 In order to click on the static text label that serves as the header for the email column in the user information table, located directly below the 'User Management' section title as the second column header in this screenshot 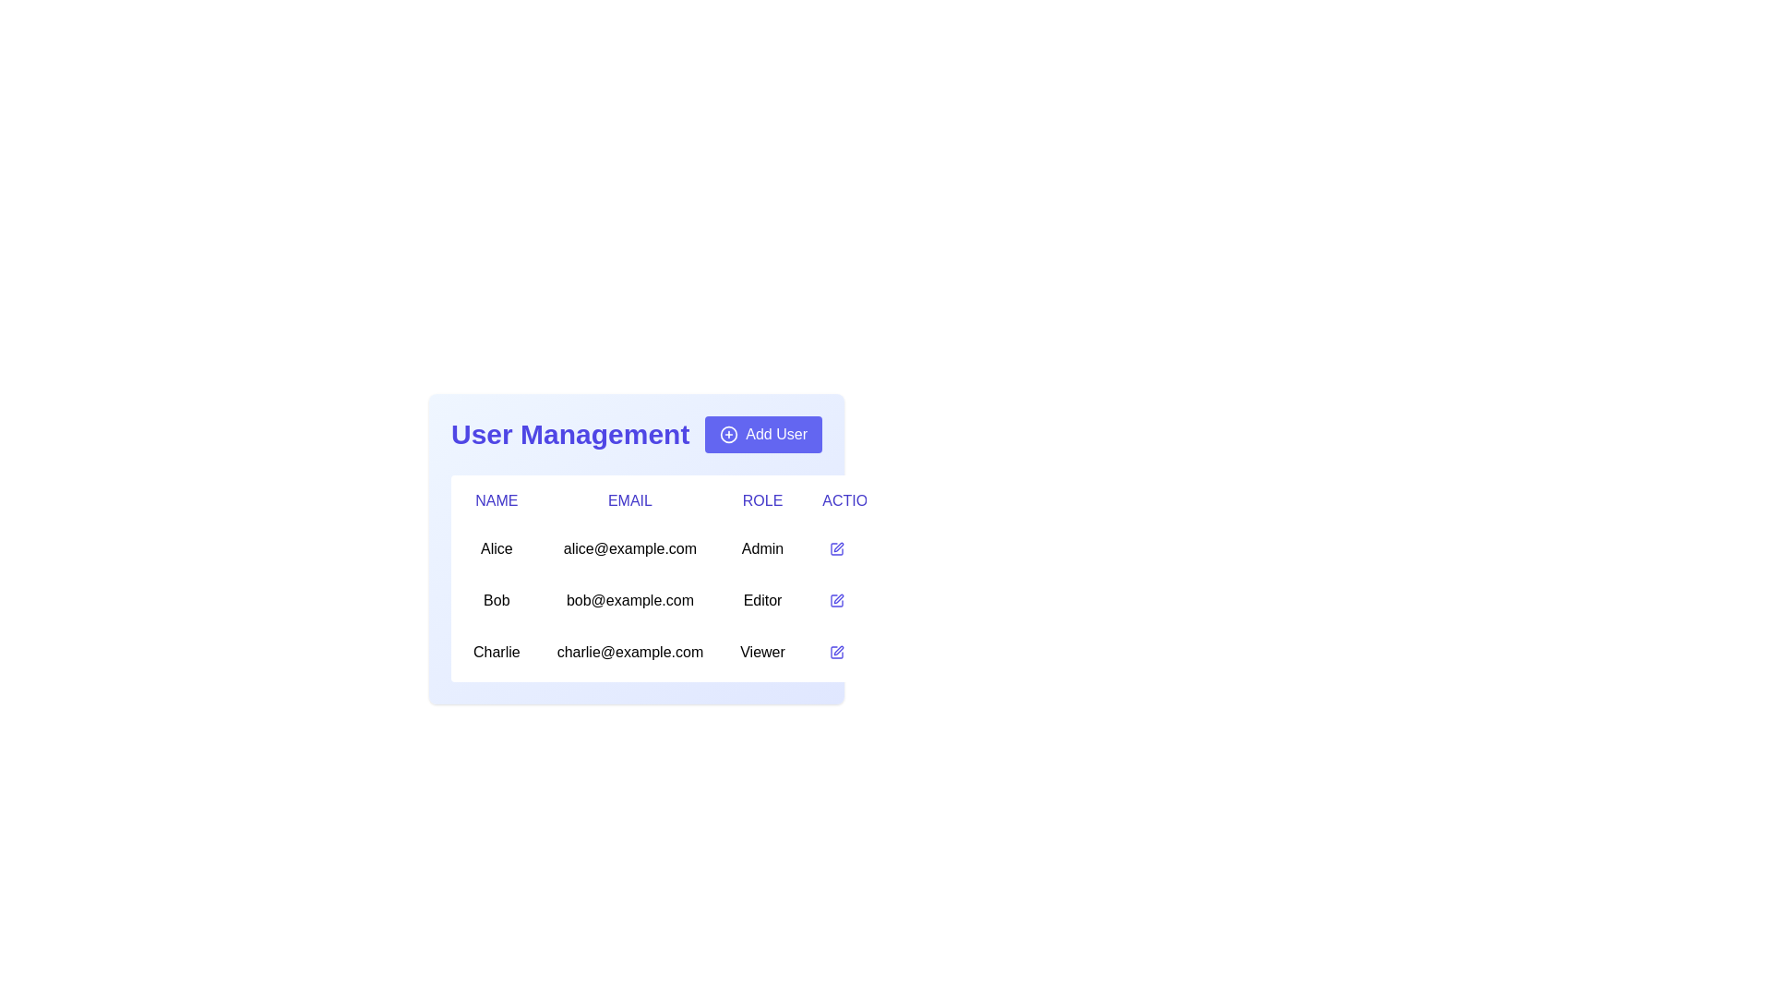, I will do `click(629, 501)`.